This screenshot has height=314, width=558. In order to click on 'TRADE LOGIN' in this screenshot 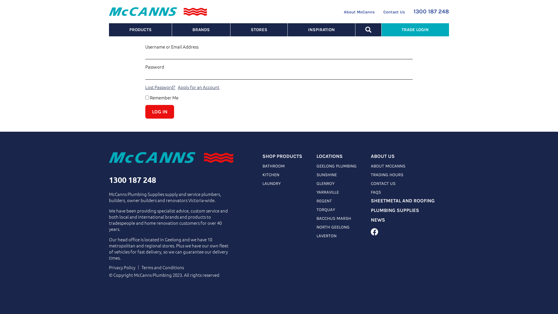, I will do `click(382, 30)`.